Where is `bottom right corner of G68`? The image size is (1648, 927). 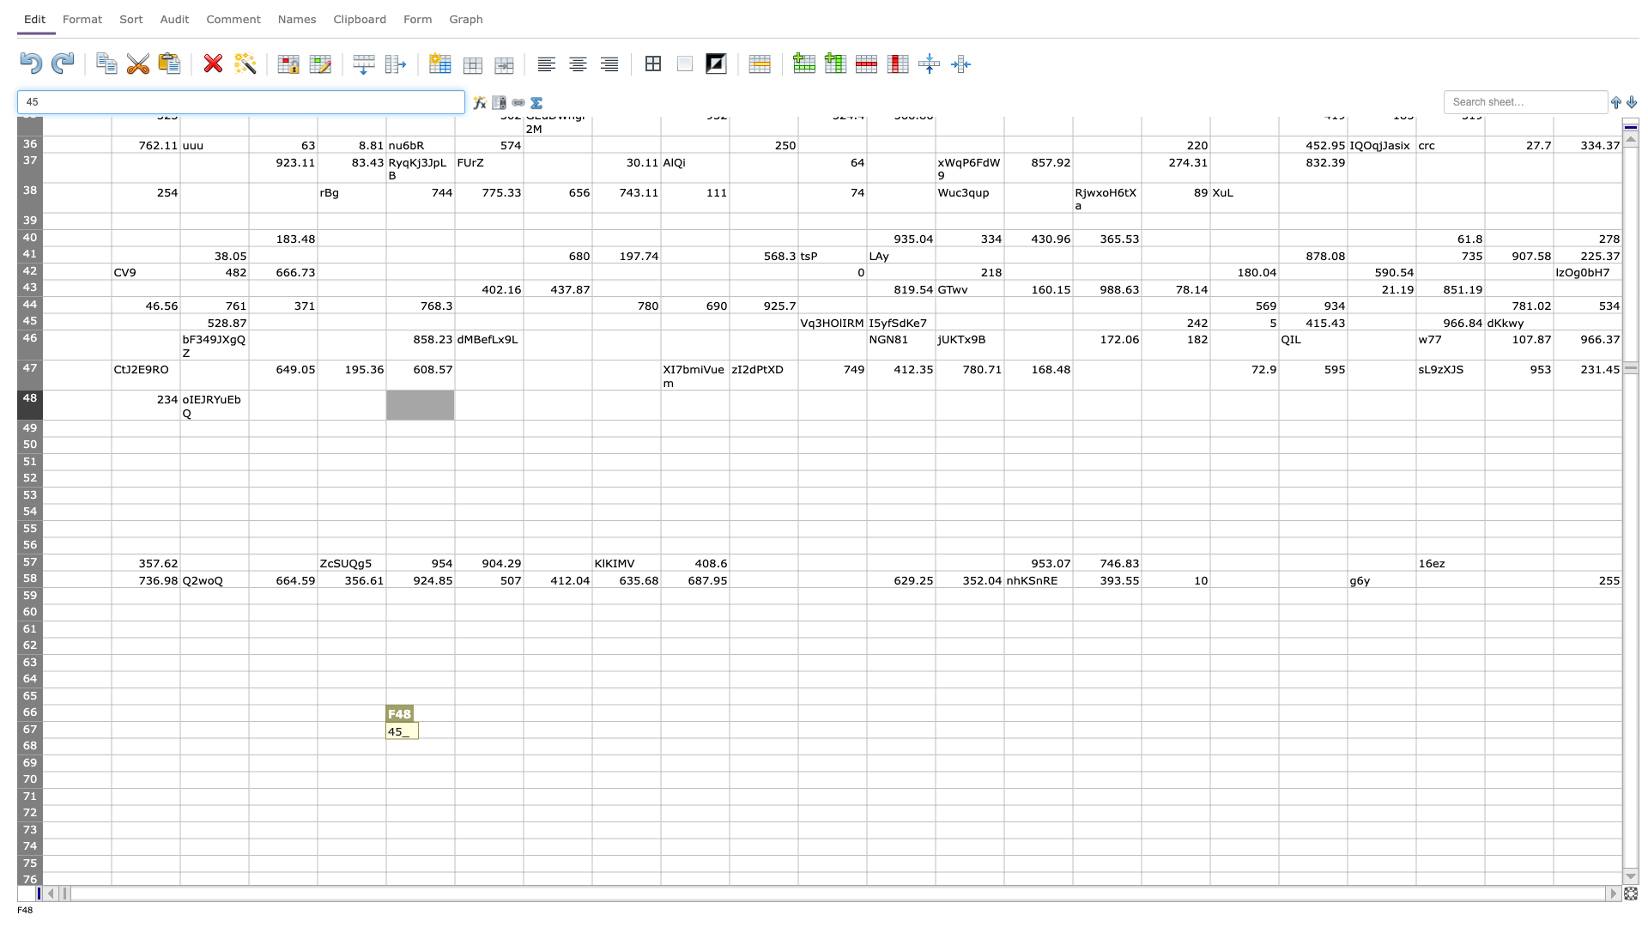 bottom right corner of G68 is located at coordinates (522, 754).